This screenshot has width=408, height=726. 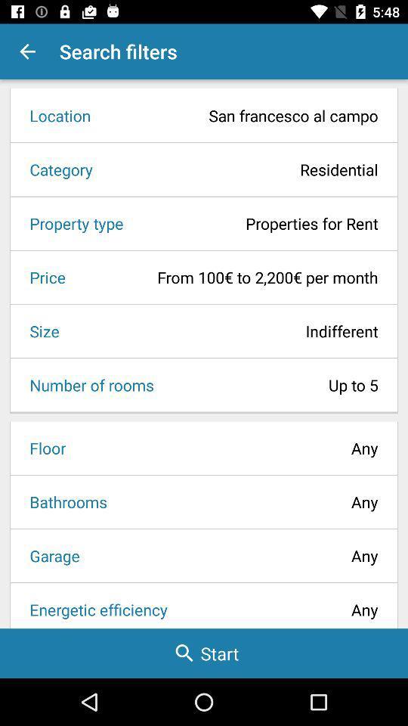 What do you see at coordinates (27, 51) in the screenshot?
I see `the app to the left of the search filters item` at bounding box center [27, 51].